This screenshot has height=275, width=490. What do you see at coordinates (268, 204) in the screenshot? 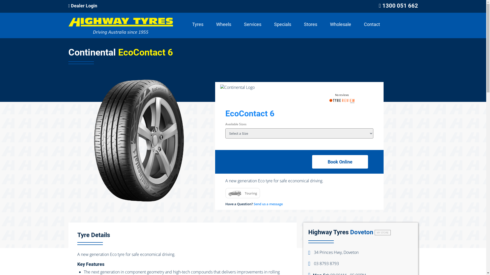
I see `'Send us a message'` at bounding box center [268, 204].